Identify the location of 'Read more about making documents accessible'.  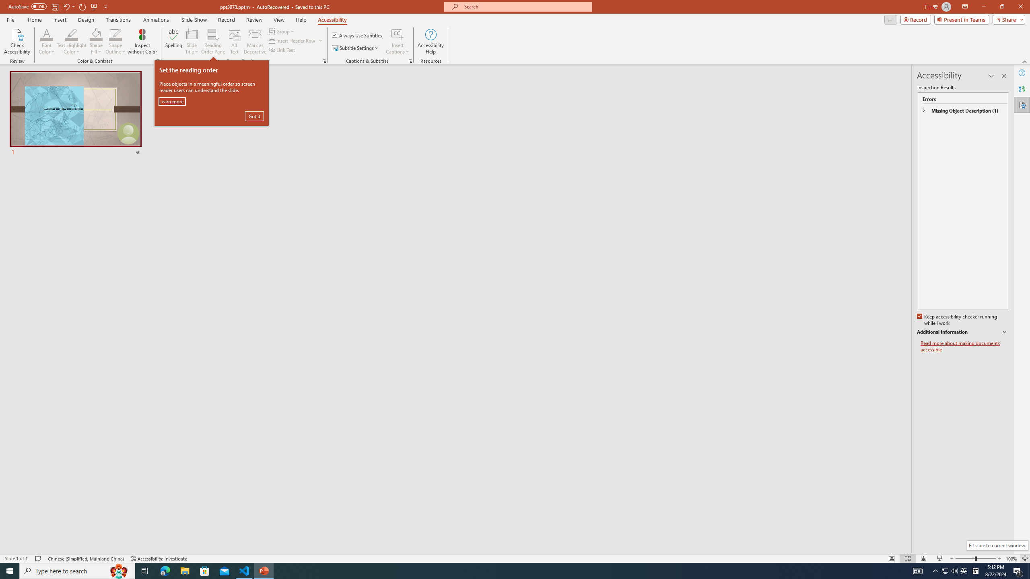
(964, 346).